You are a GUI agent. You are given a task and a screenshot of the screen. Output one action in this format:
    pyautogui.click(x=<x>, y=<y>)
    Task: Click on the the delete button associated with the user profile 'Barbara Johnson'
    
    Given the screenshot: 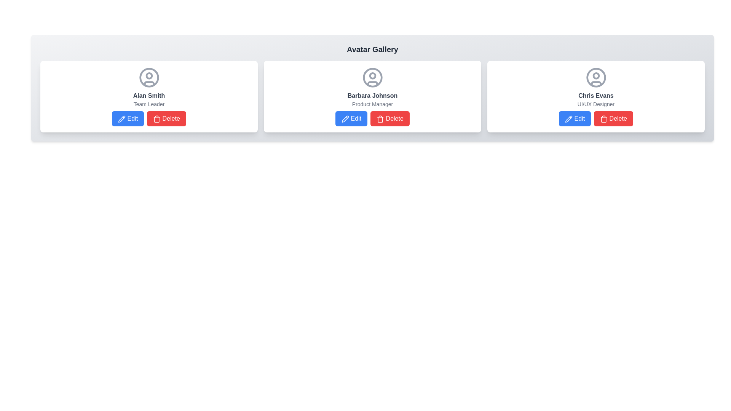 What is the action you would take?
    pyautogui.click(x=390, y=119)
    